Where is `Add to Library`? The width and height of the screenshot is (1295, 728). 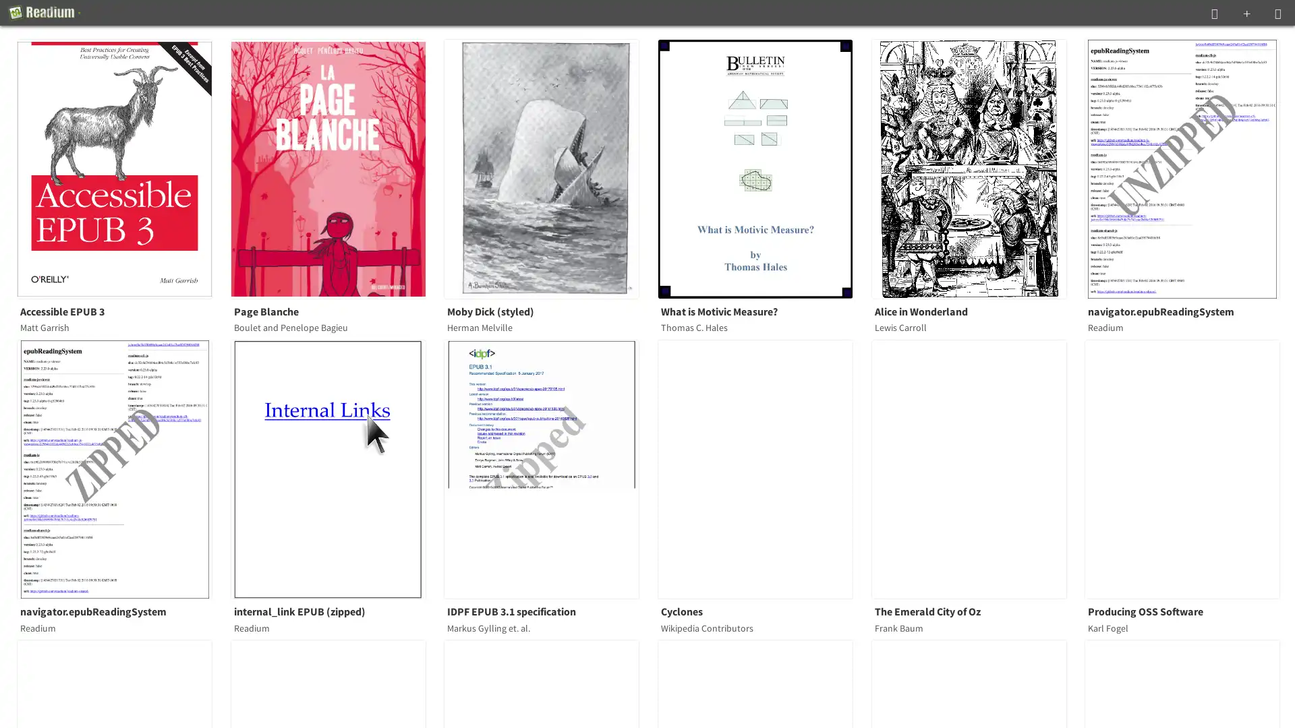
Add to Library is located at coordinates (1246, 13).